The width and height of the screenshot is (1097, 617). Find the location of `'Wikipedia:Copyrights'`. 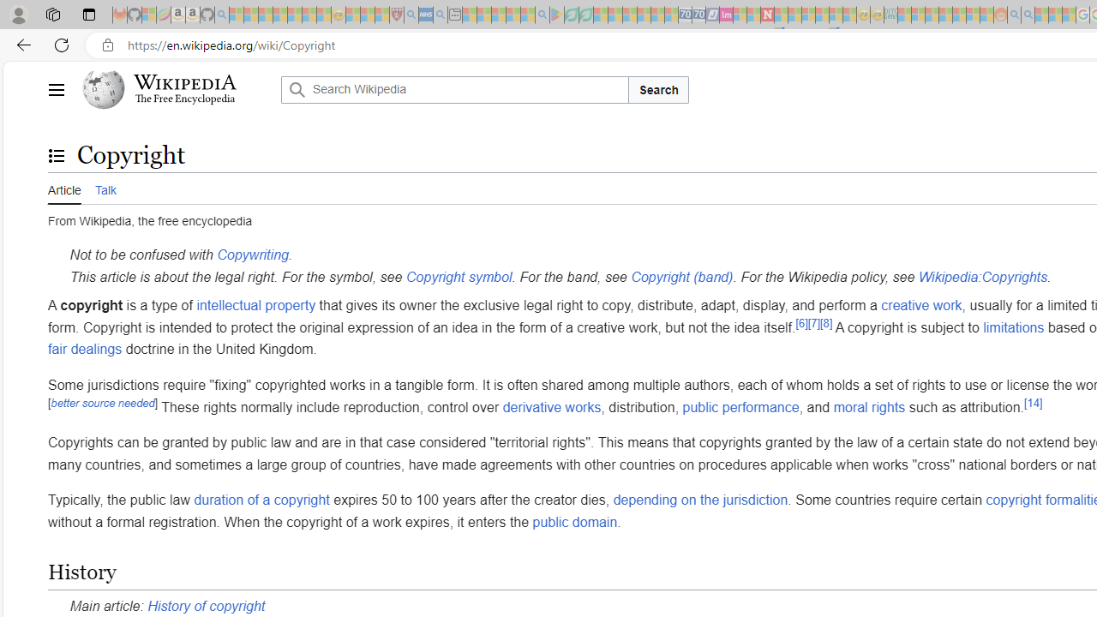

'Wikipedia:Copyrights' is located at coordinates (982, 275).